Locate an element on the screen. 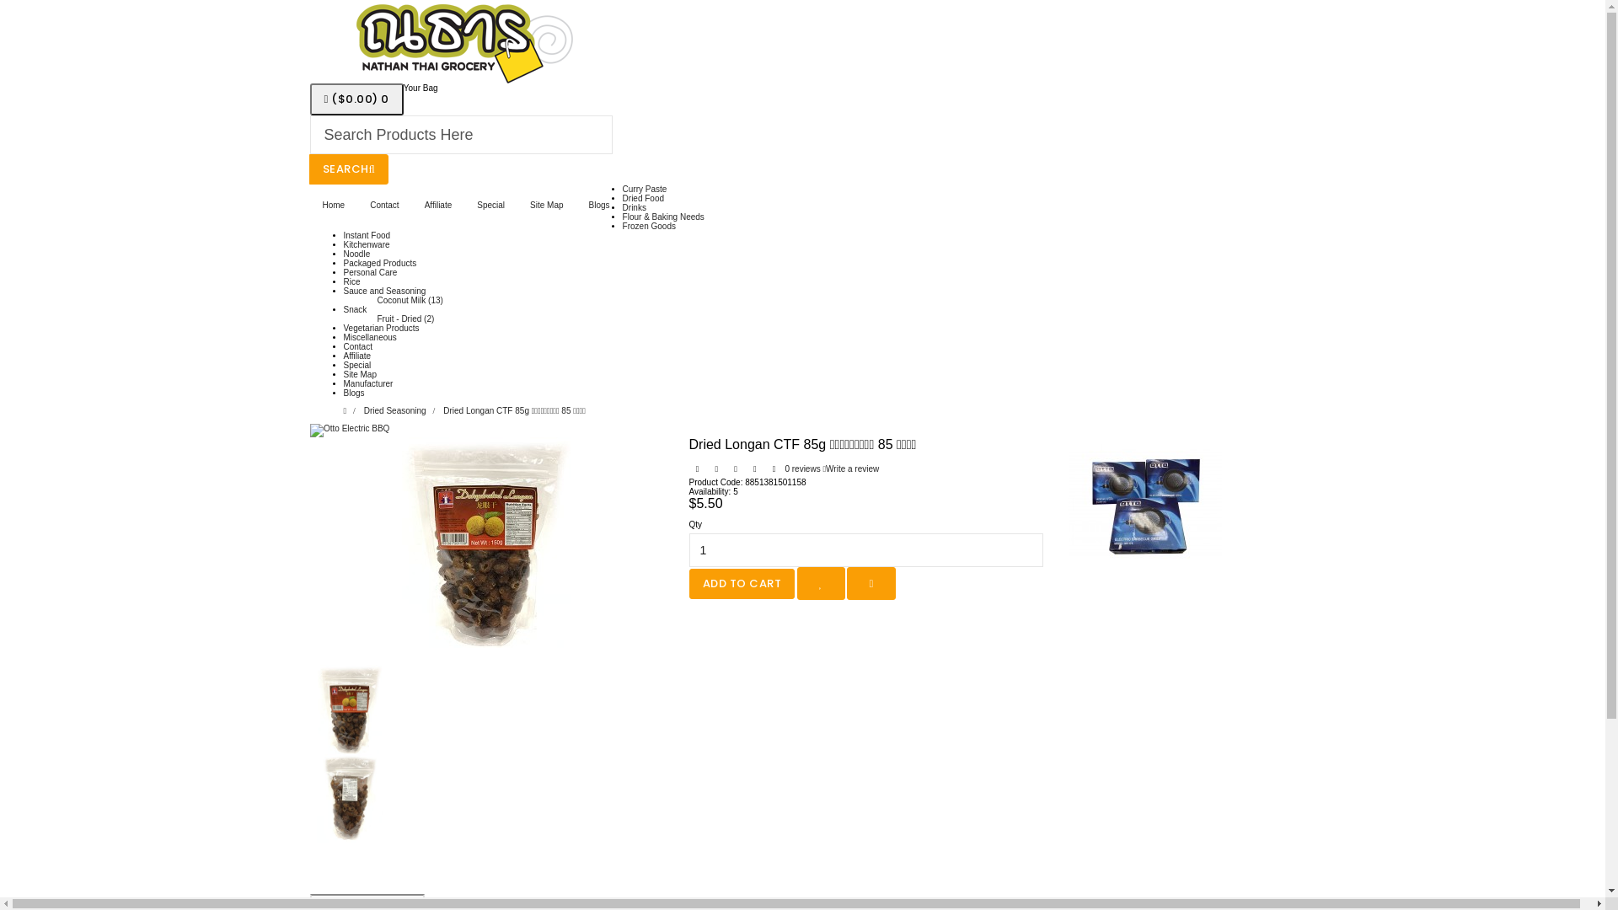 The image size is (1618, 910). 'Drinks' is located at coordinates (634, 206).